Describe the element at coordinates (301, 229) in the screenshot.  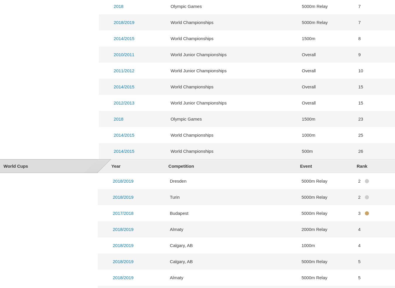
I see `'2000m Relay'` at that location.